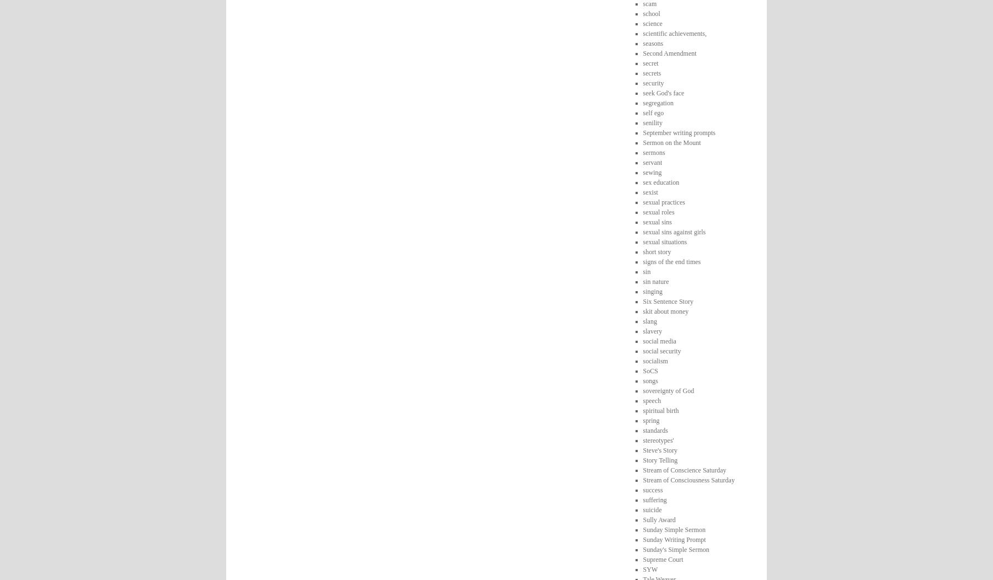 The height and width of the screenshot is (580, 993). Describe the element at coordinates (652, 330) in the screenshot. I see `'slavery'` at that location.